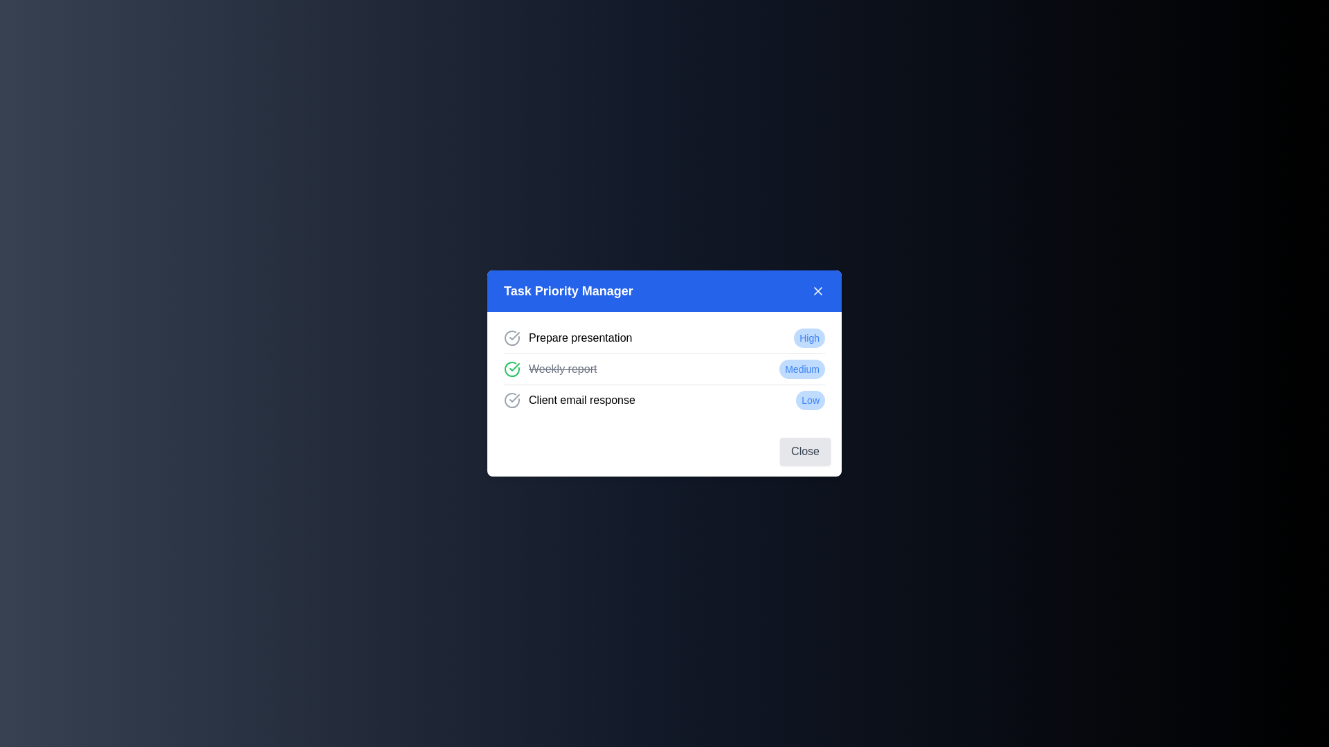  What do you see at coordinates (664, 368) in the screenshot?
I see `the completed task labeled 'Weekly report' with a medium priority in the 'Task Priority Manager' modal, which is the second item in the list` at bounding box center [664, 368].